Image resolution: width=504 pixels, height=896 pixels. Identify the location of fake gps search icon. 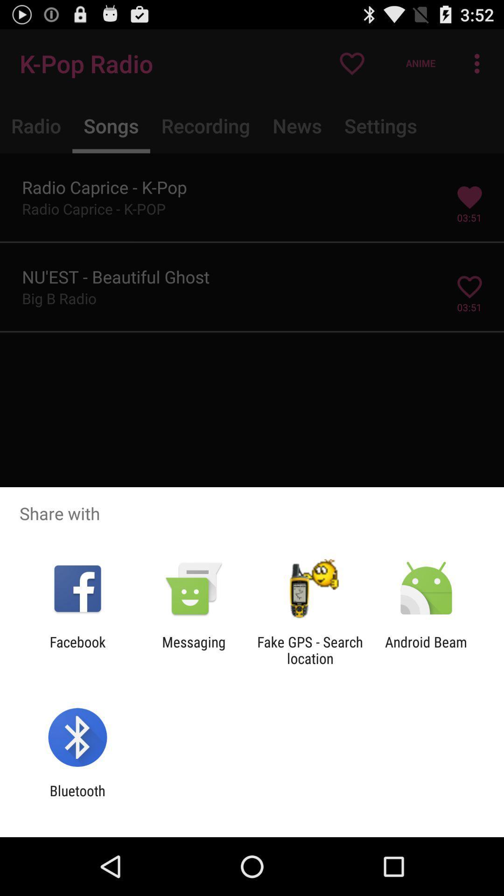
(310, 650).